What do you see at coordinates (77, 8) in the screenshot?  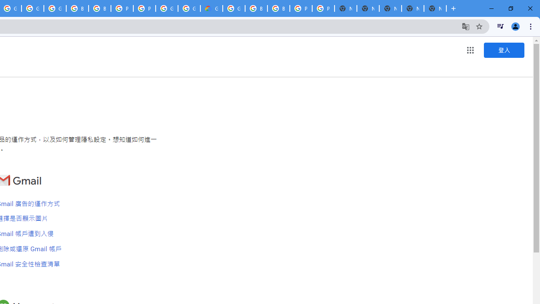 I see `'Browse Chrome as a guest - Computer - Google Chrome Help'` at bounding box center [77, 8].